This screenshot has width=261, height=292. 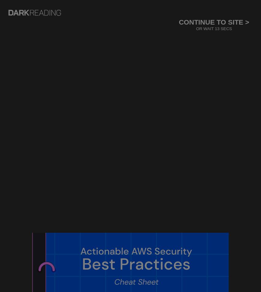 I want to click on 'Quick Hits', so click(x=125, y=108).